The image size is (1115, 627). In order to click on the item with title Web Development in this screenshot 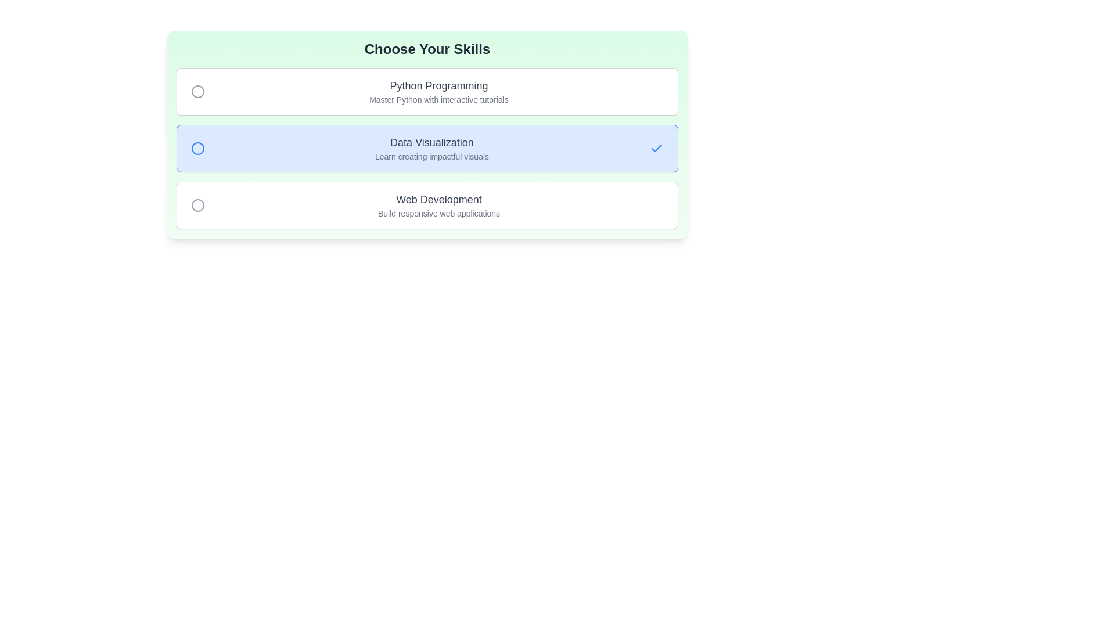, I will do `click(426, 205)`.